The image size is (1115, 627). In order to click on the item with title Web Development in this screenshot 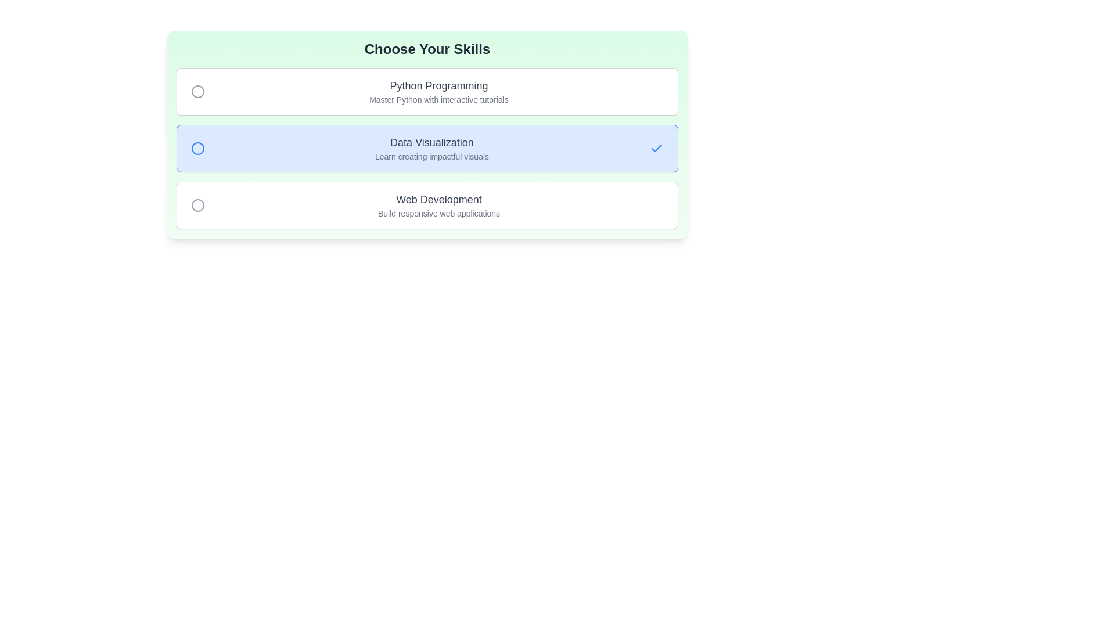, I will do `click(426, 205)`.